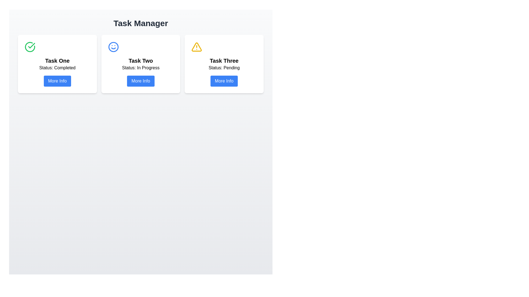  I want to click on the warning icon, which is a yellow triangle with a hollow center and an exclamation mark inside, located at the top-center of the third card labeled 'Task Three' under the title 'Task Manager.', so click(197, 46).